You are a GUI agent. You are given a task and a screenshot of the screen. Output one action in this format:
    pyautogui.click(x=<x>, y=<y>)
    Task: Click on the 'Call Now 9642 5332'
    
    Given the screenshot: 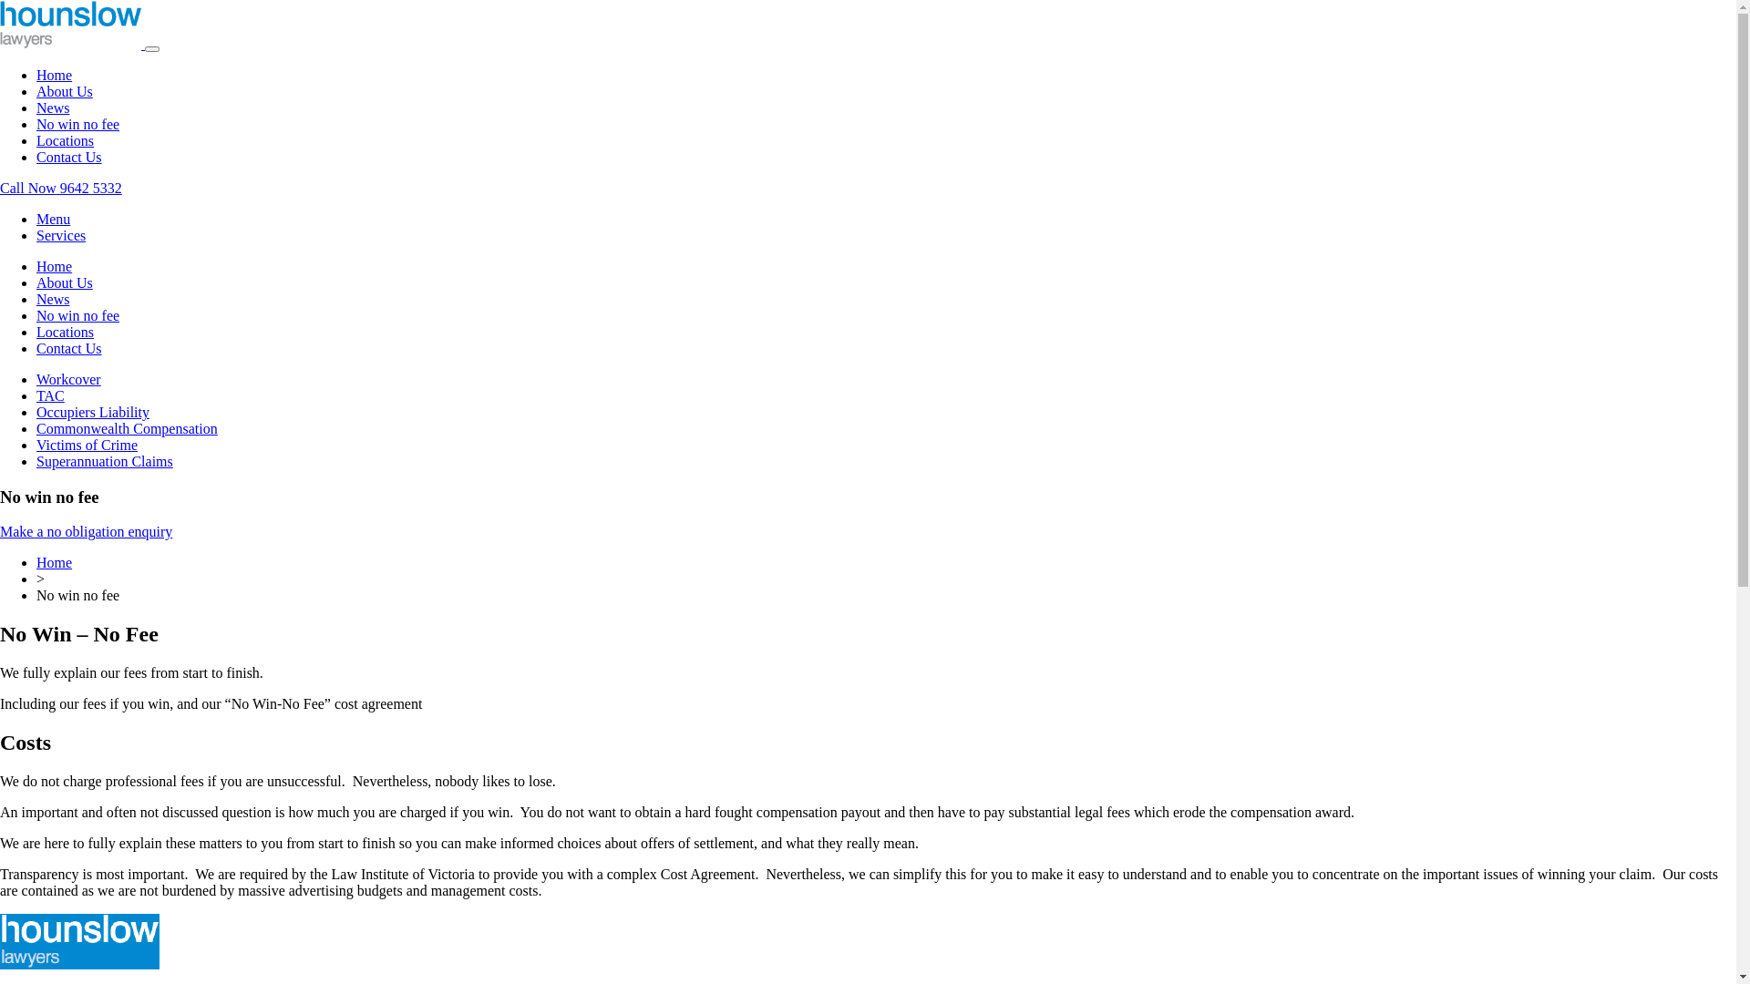 What is the action you would take?
    pyautogui.click(x=61, y=188)
    